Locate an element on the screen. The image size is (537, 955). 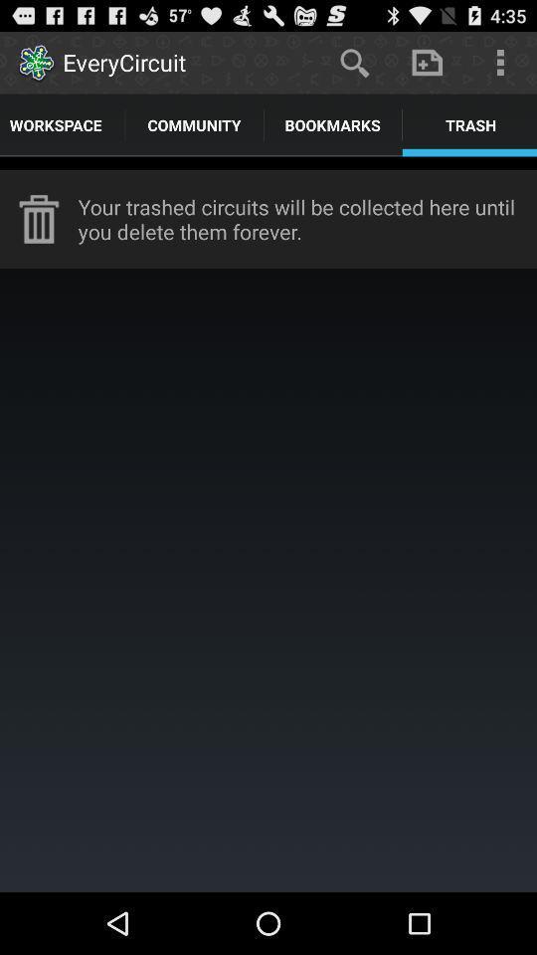
item above the trash is located at coordinates (426, 62).